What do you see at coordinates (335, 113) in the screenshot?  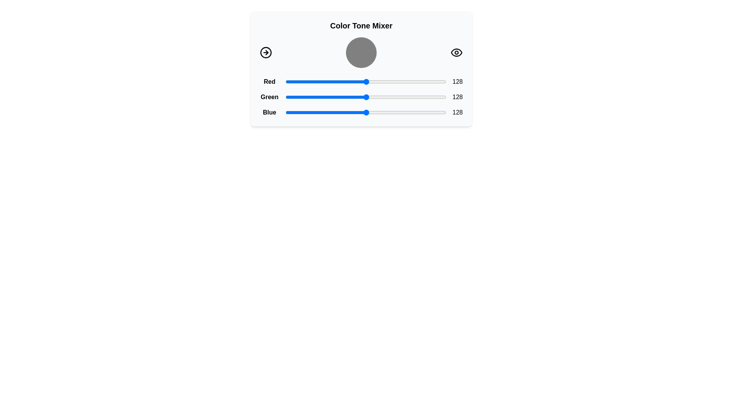 I see `the slider value` at bounding box center [335, 113].